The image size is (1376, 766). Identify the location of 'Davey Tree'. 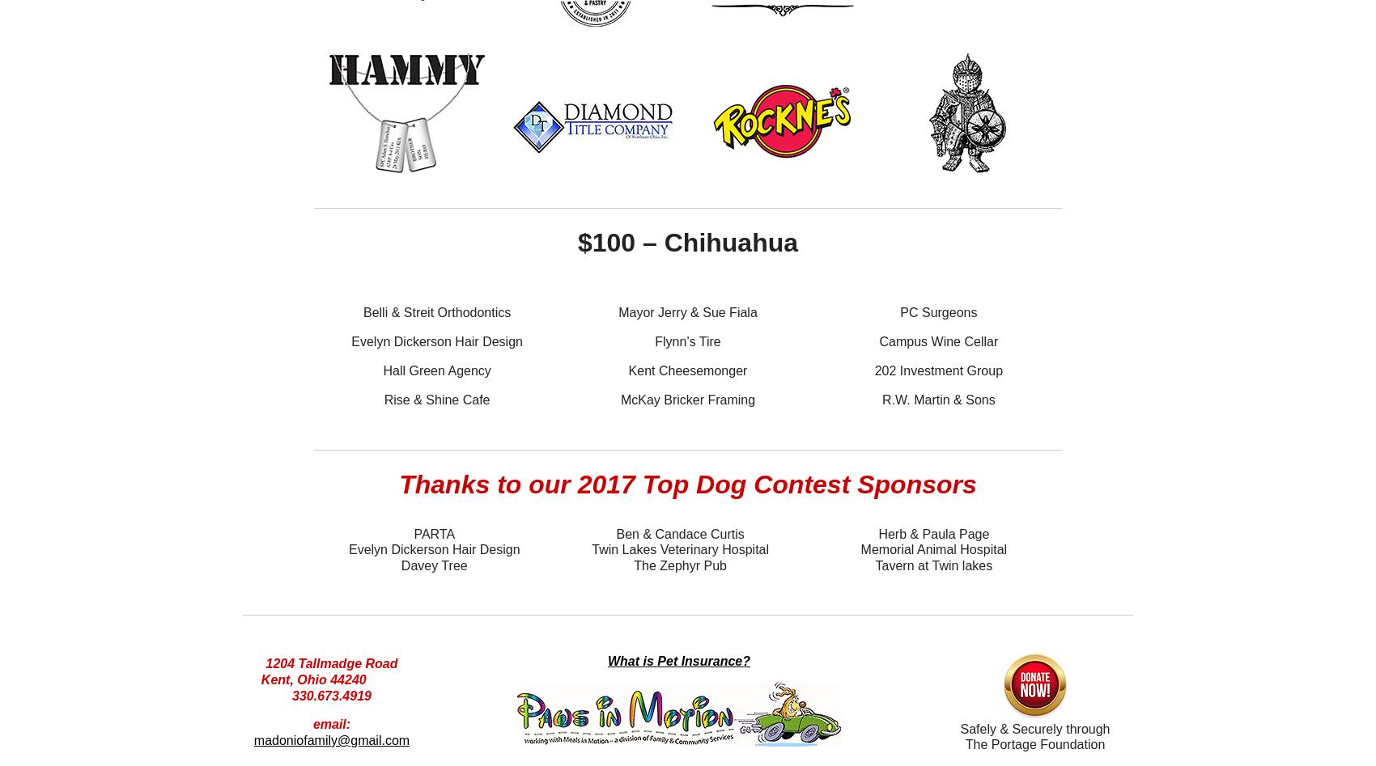
(433, 564).